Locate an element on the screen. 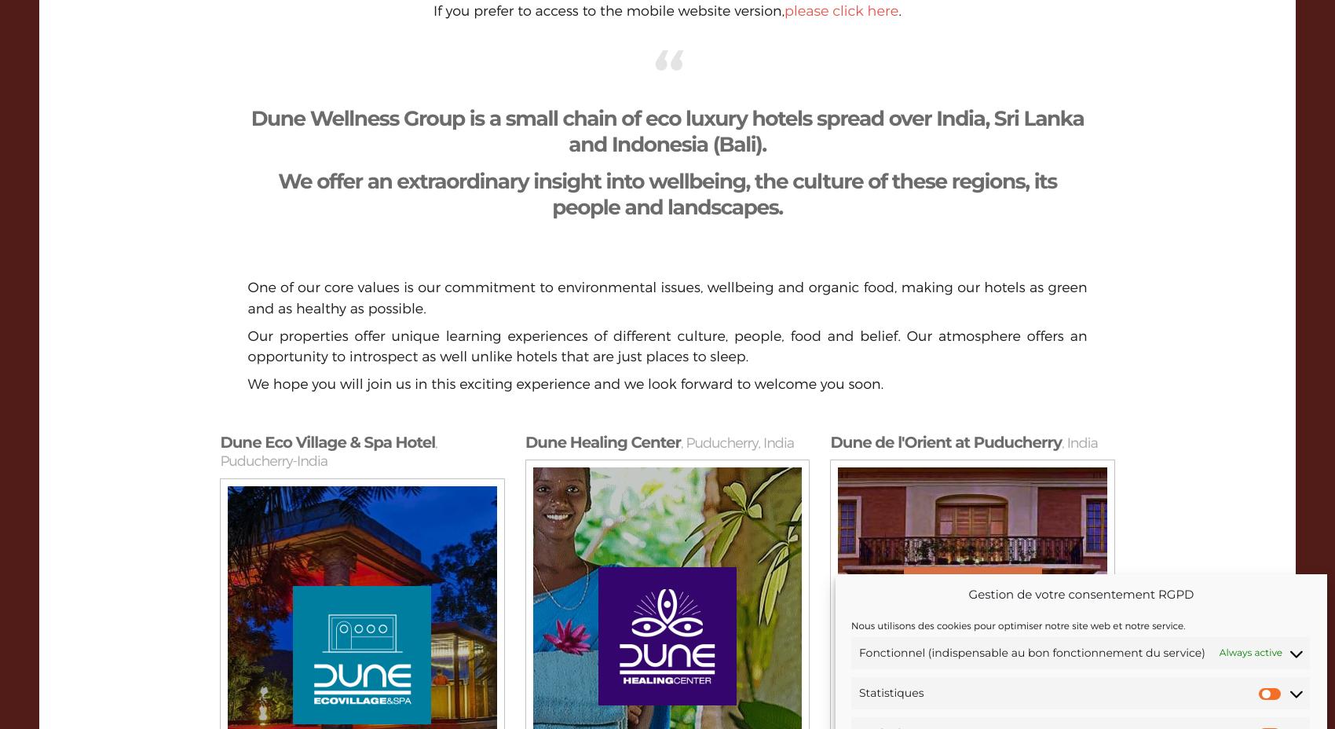  'Dune Wellness Group is a small chain of eco luxury hotels spread over India, Sri Lanka and Indonesia (Bali).' is located at coordinates (666, 131).